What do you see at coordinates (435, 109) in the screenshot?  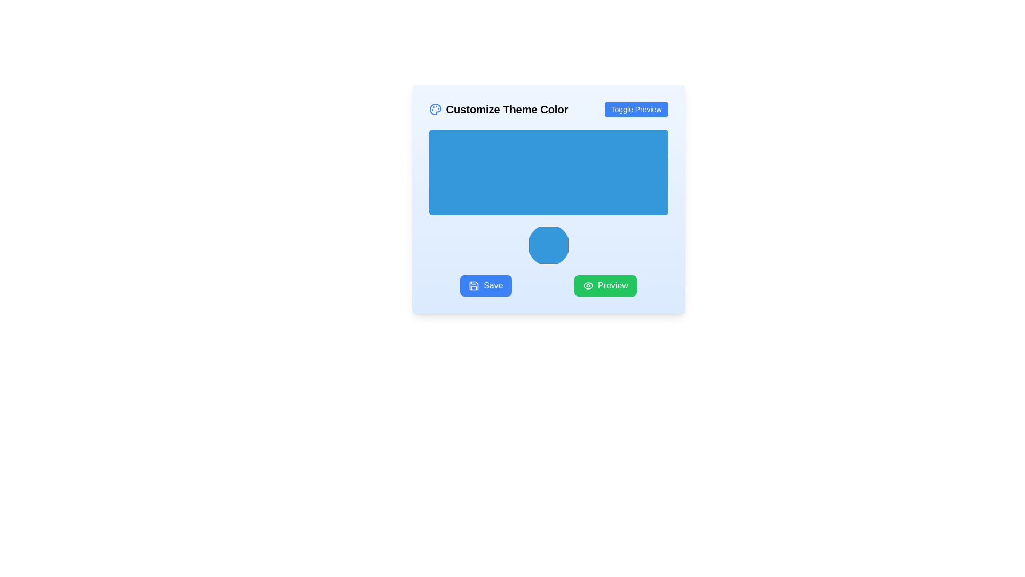 I see `the blue circular palette icon located to the left of the 'Customize Theme Color' text in the header section` at bounding box center [435, 109].